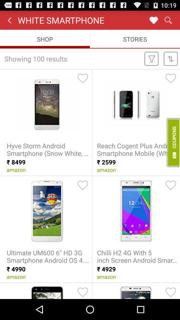 Image resolution: width=180 pixels, height=320 pixels. Describe the element at coordinates (83, 292) in the screenshot. I see `to add to favorite` at that location.